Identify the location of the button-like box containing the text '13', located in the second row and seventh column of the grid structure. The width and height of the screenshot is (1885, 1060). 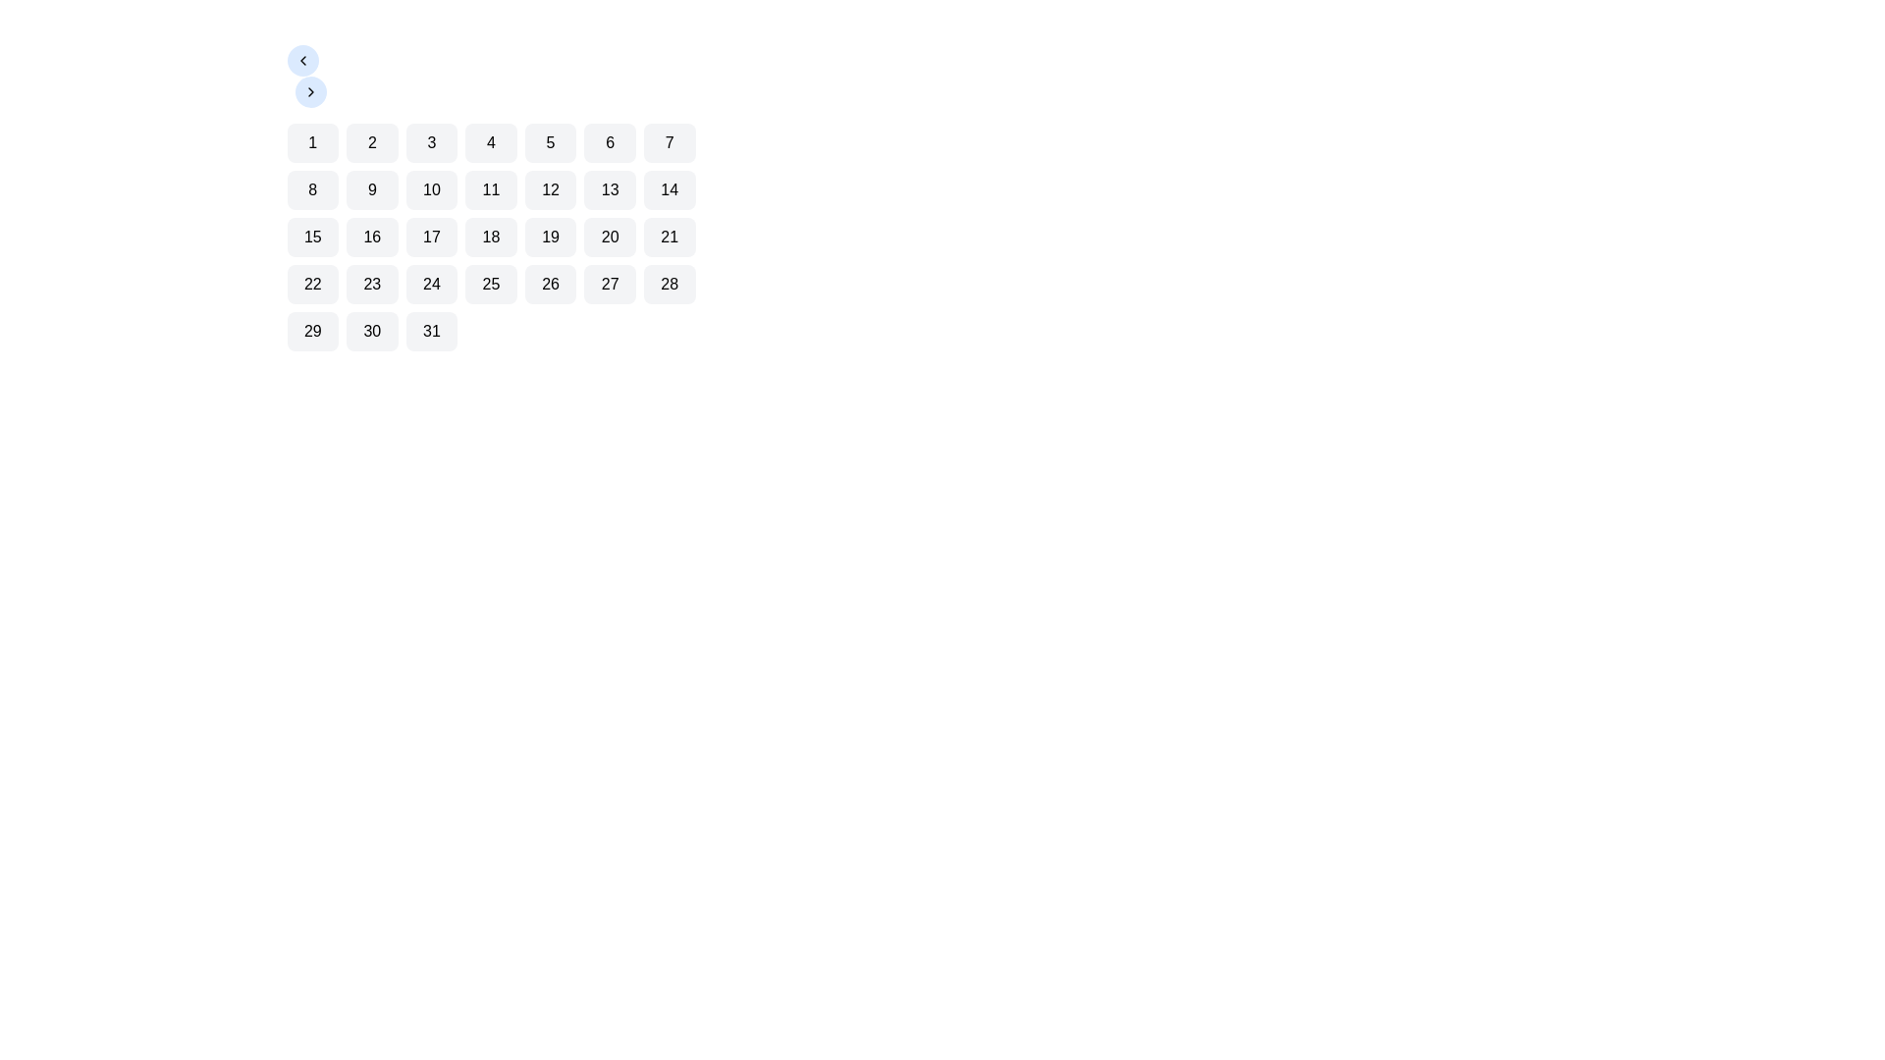
(609, 189).